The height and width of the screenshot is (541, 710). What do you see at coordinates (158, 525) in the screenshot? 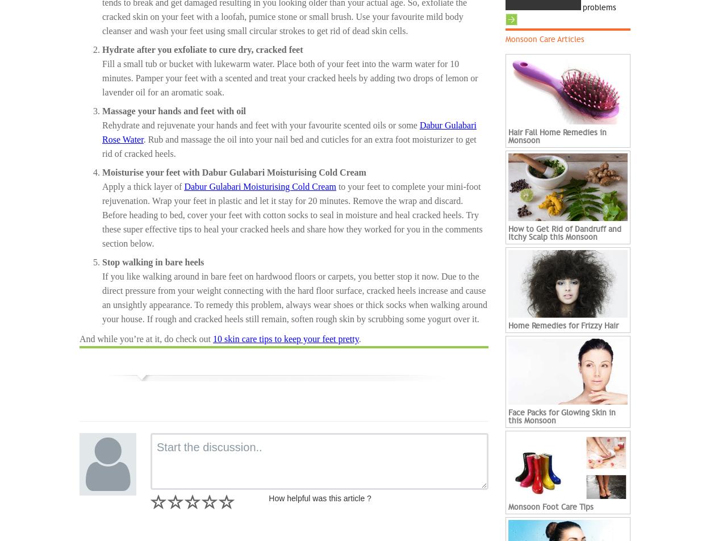
I see `'Not Rated'` at bounding box center [158, 525].